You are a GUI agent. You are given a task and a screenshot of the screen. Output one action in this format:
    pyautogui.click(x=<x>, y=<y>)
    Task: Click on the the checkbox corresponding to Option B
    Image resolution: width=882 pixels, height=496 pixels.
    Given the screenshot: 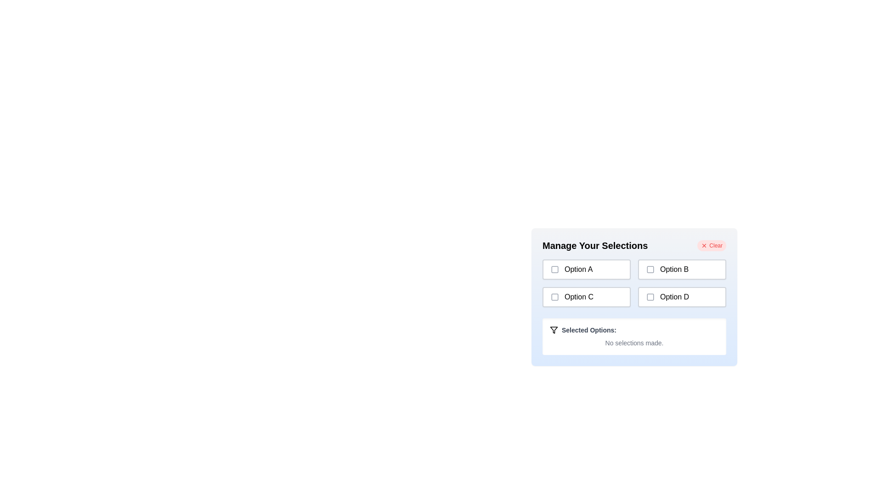 What is the action you would take?
    pyautogui.click(x=650, y=269)
    